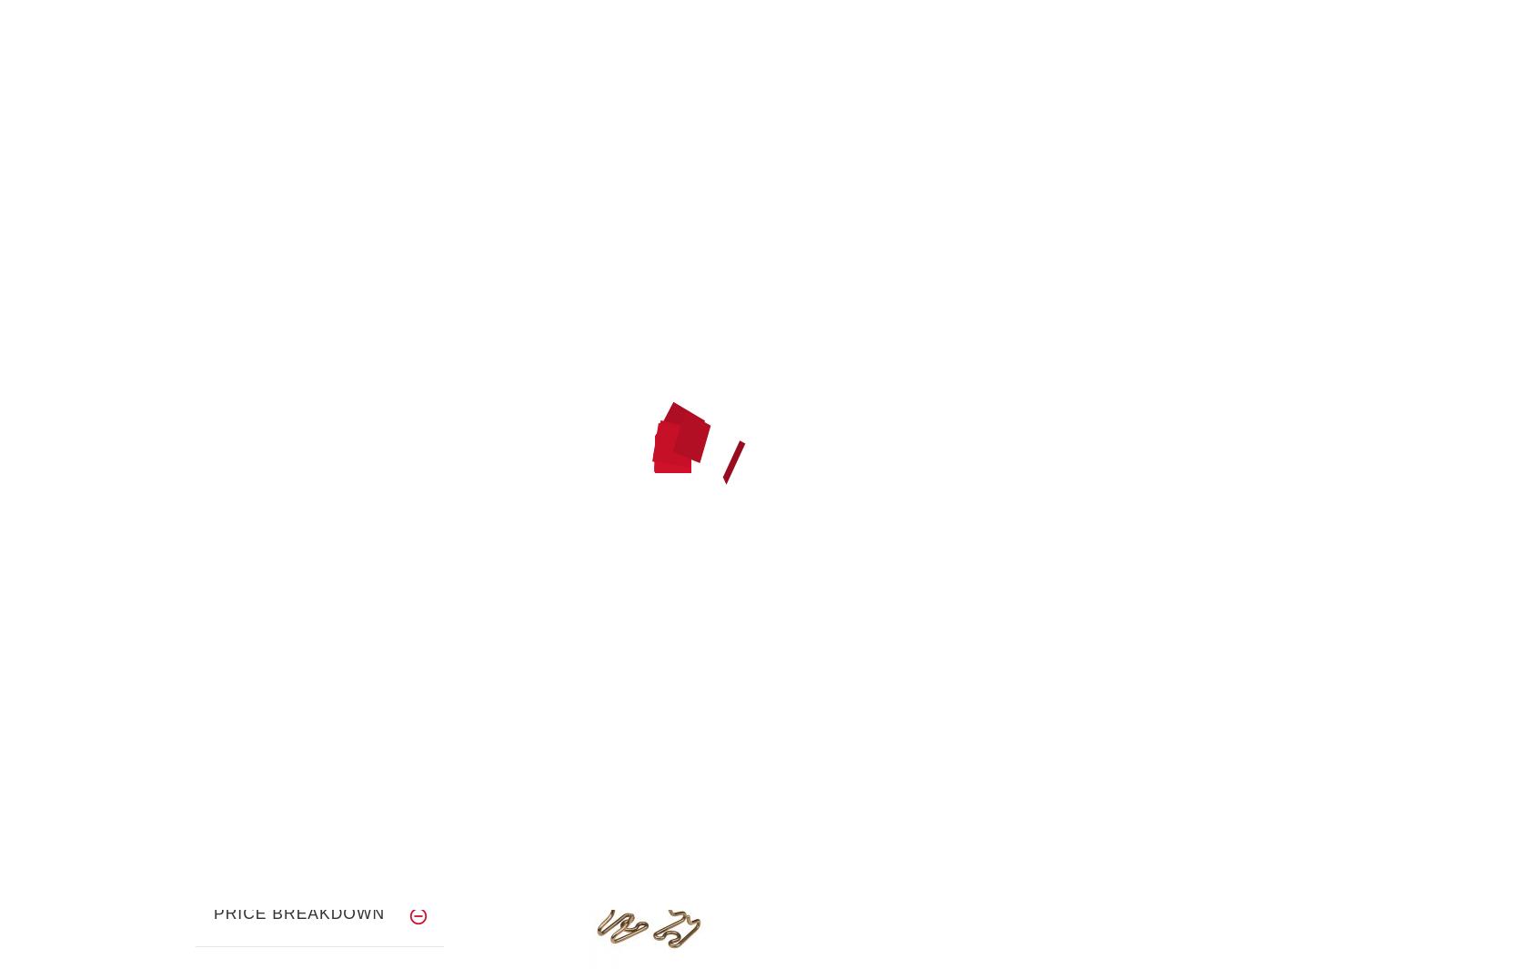 Image resolution: width=1531 pixels, height=969 pixels. I want to click on 'Log In', so click(1194, 36).